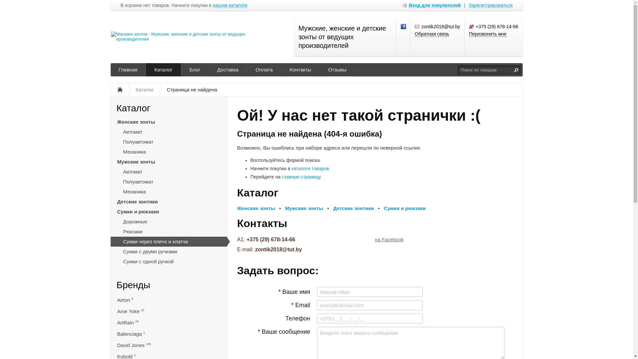 Image resolution: width=638 pixels, height=359 pixels. I want to click on 'David Jones 135', so click(110, 344).